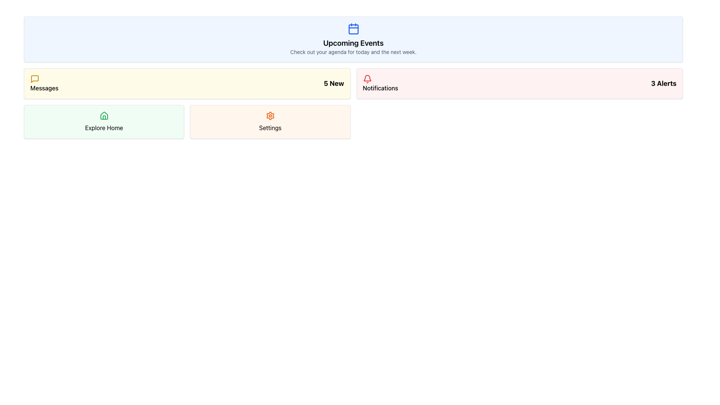  What do you see at coordinates (270, 121) in the screenshot?
I see `the Card component used for navigation or showcasing functionality's purpose and usage, located in the third column of the bottom row in a four-column grid layout` at bounding box center [270, 121].